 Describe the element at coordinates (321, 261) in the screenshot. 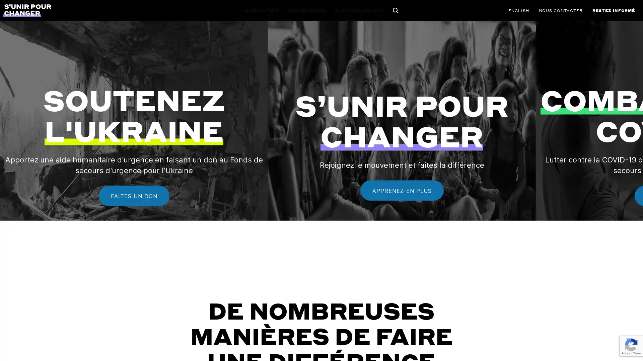

I see `2` at that location.